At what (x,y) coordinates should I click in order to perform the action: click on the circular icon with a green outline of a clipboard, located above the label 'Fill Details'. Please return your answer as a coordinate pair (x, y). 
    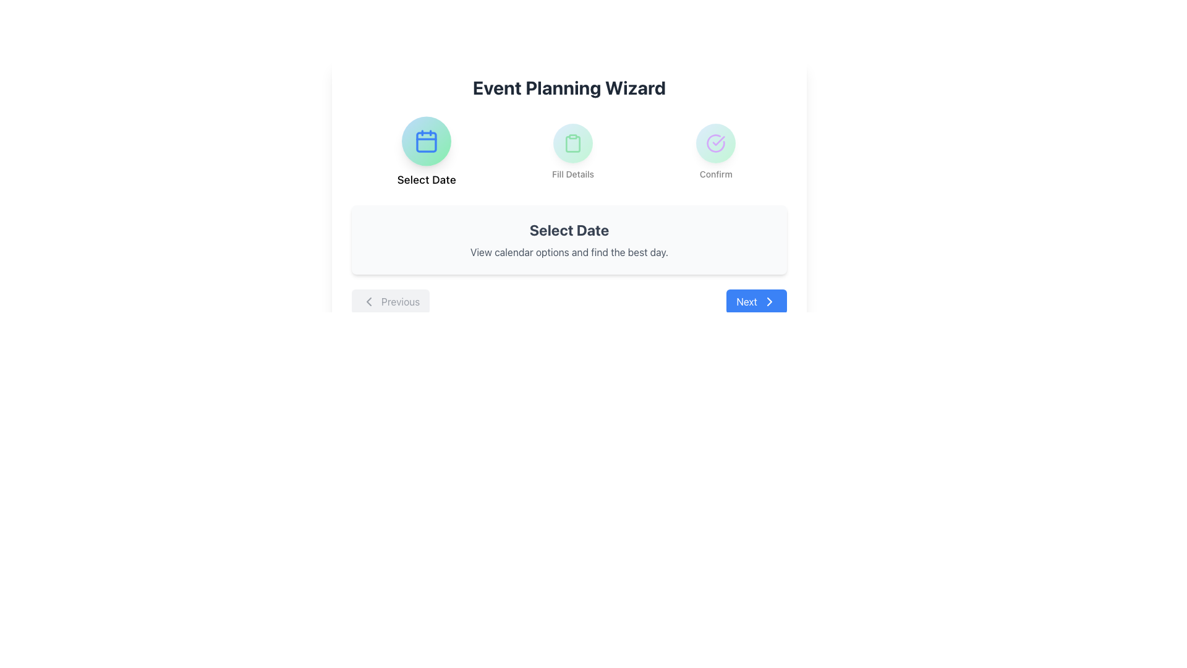
    Looking at the image, I should click on (572, 152).